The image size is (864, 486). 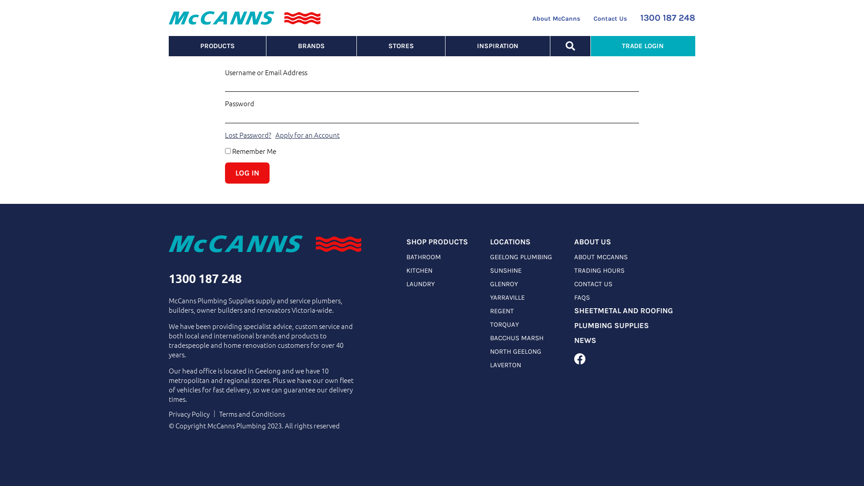 What do you see at coordinates (510, 241) in the screenshot?
I see `'LOCATIONS'` at bounding box center [510, 241].